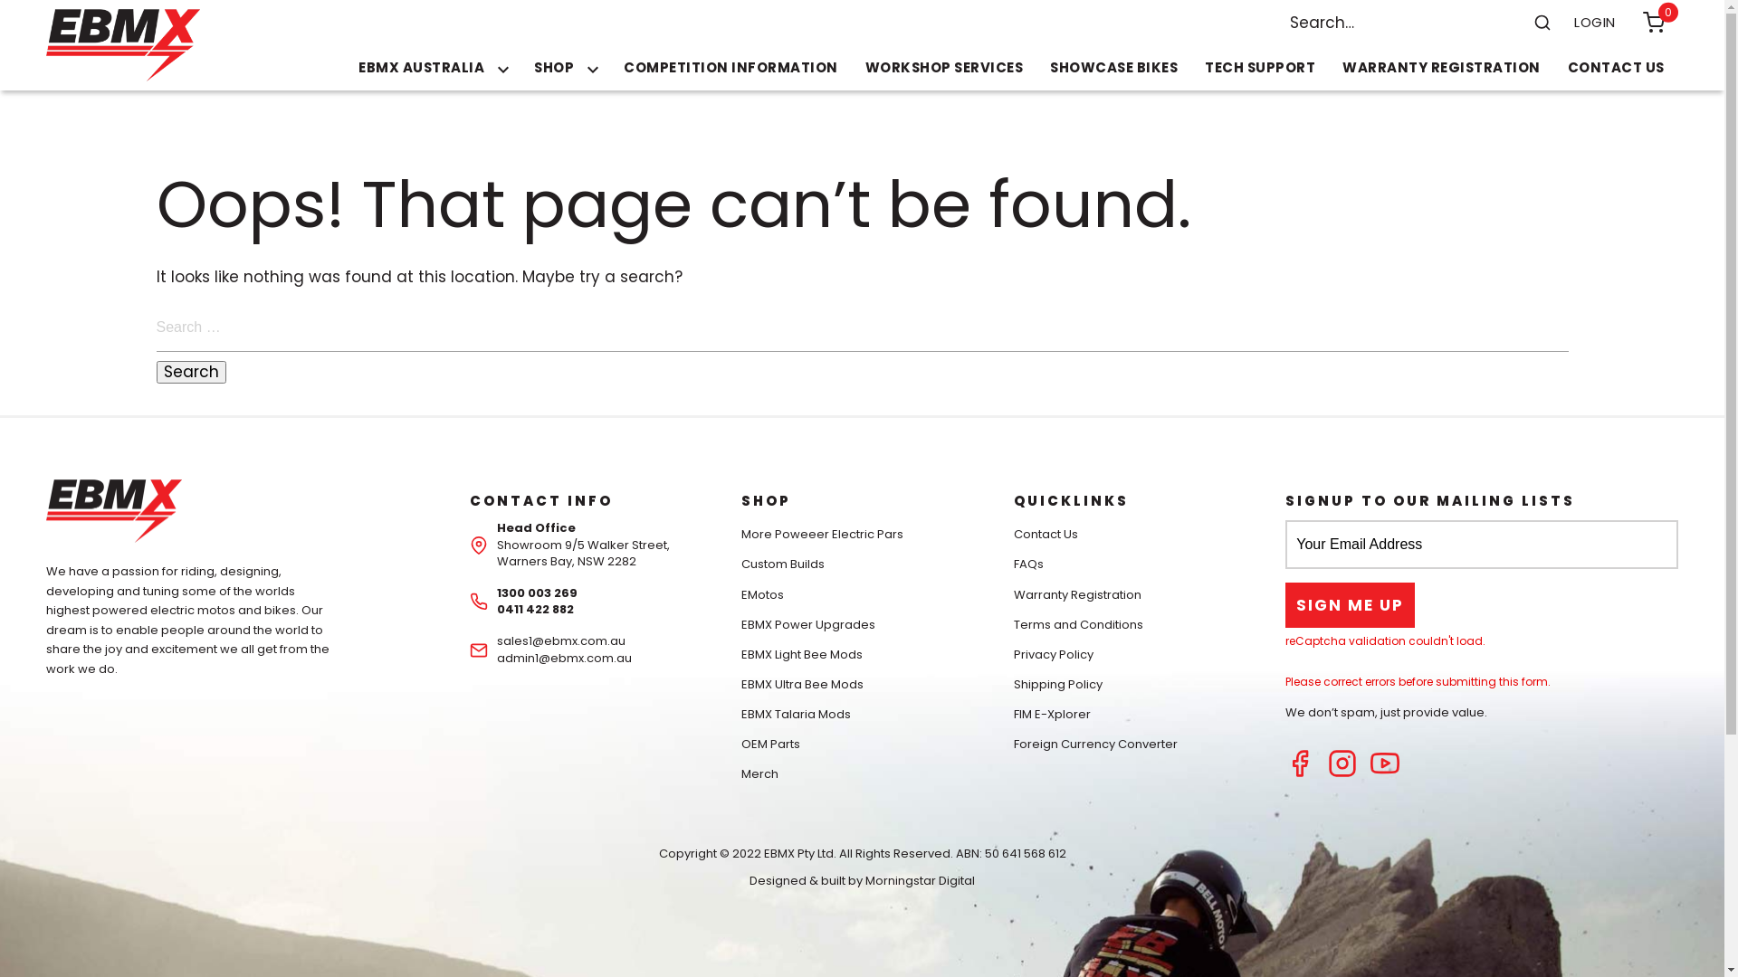 This screenshot has height=977, width=1738. What do you see at coordinates (1594, 22) in the screenshot?
I see `'LOGIN'` at bounding box center [1594, 22].